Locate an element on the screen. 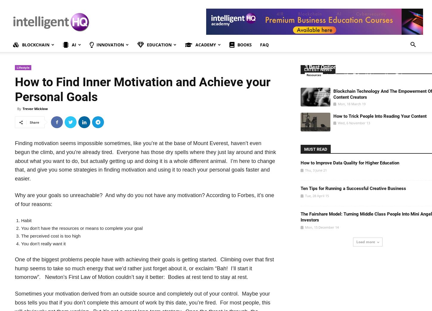 This screenshot has width=432, height=311. 'Tue, 28 April 15' is located at coordinates (316, 195).